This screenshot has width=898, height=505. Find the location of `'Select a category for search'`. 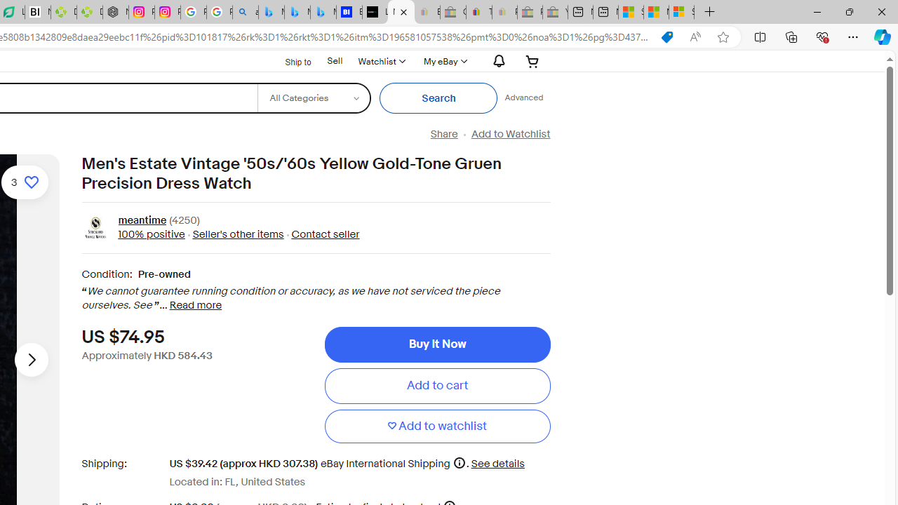

'Select a category for search' is located at coordinates (313, 97).